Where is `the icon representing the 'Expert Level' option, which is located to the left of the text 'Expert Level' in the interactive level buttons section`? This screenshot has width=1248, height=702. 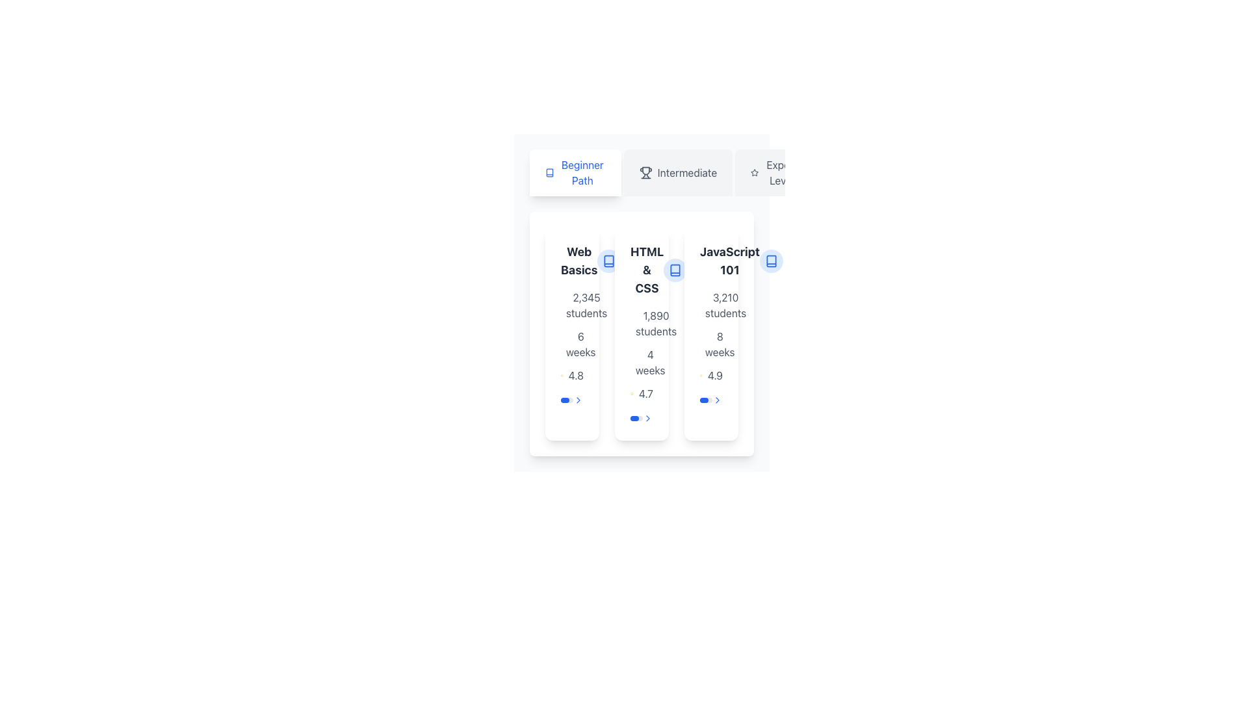
the icon representing the 'Expert Level' option, which is located to the left of the text 'Expert Level' in the interactive level buttons section is located at coordinates (755, 172).